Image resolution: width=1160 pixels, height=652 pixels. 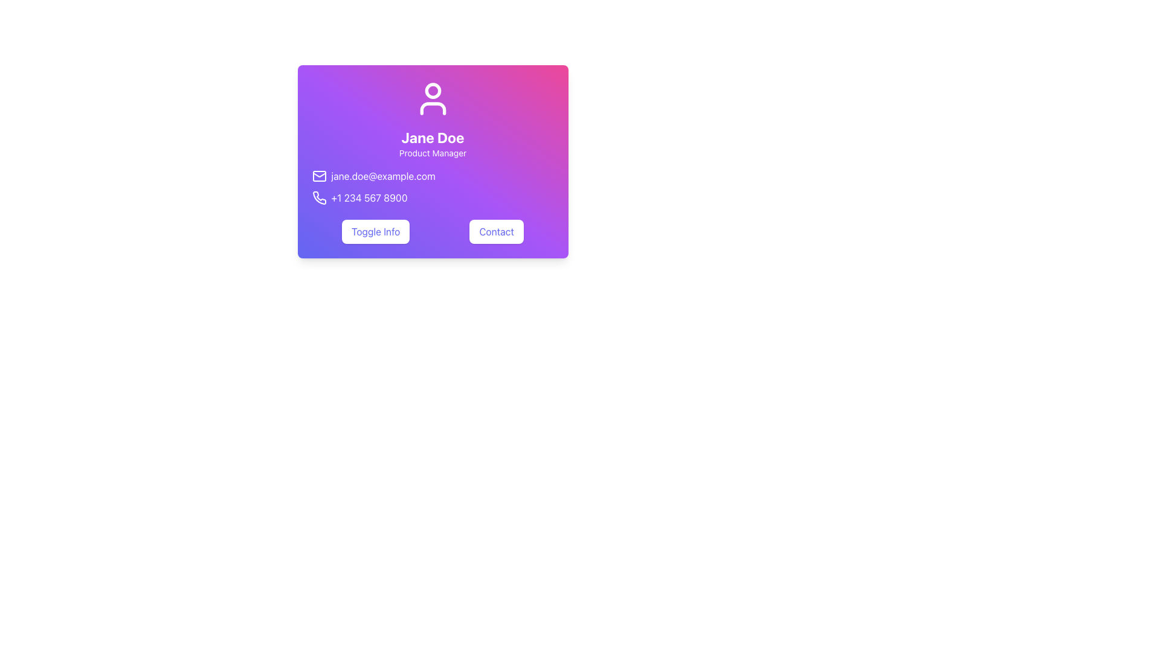 I want to click on the top edge line of the envelope flap in the email icon located above 'jane.doe@example.com', so click(x=319, y=174).